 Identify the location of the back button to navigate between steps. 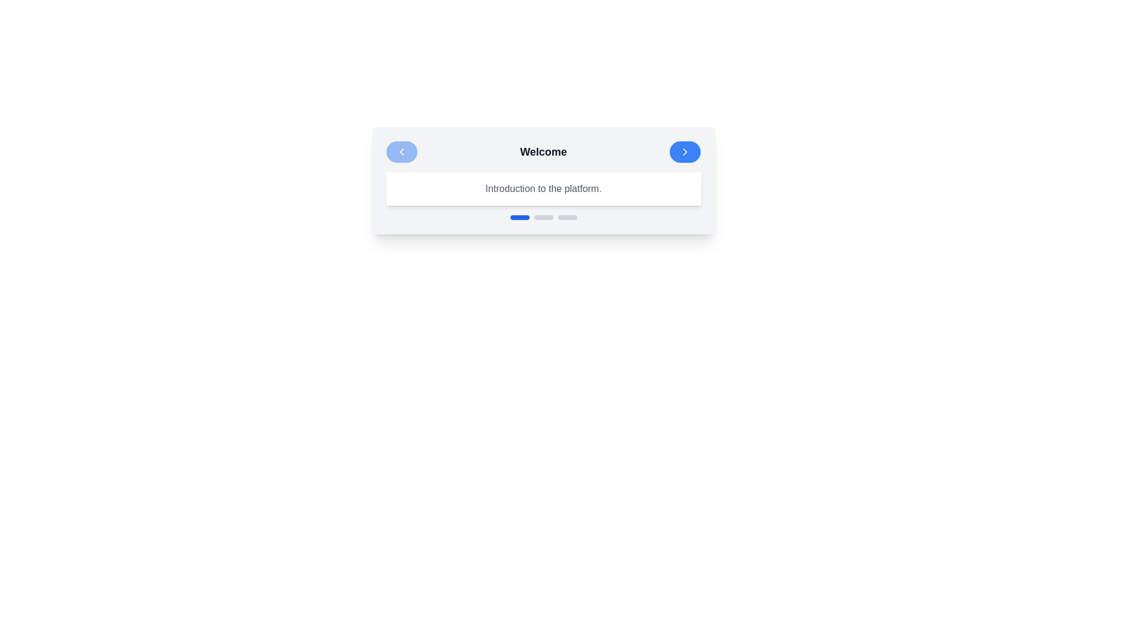
(401, 151).